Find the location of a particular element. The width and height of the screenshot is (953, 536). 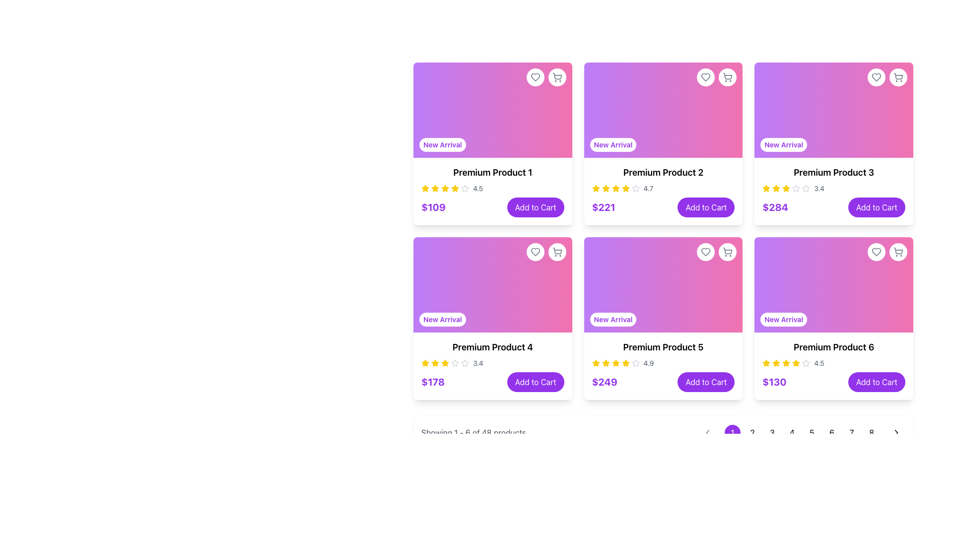

the 'Add to Wishlist' button located at the top-right corner of the 'Premium Product 3' card is located at coordinates (898, 76).